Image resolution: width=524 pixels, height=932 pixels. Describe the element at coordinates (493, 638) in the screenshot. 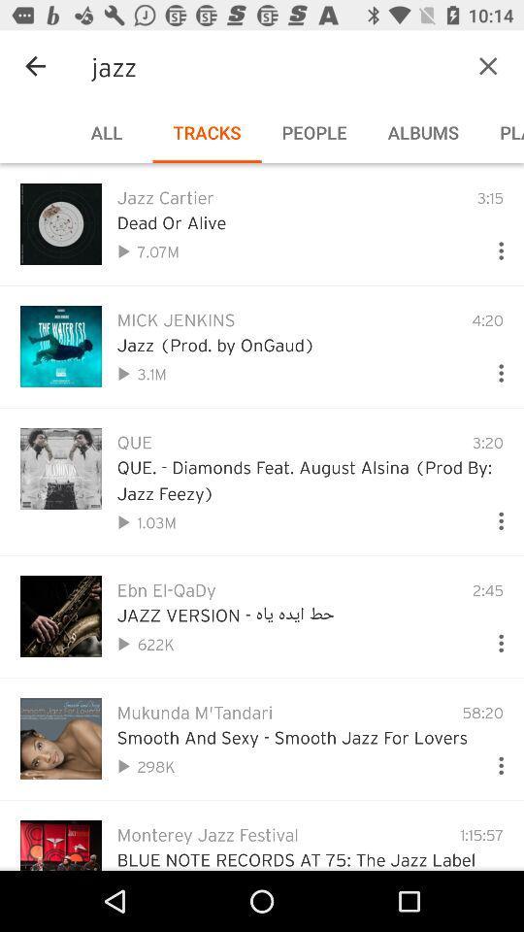

I see `more options` at that location.